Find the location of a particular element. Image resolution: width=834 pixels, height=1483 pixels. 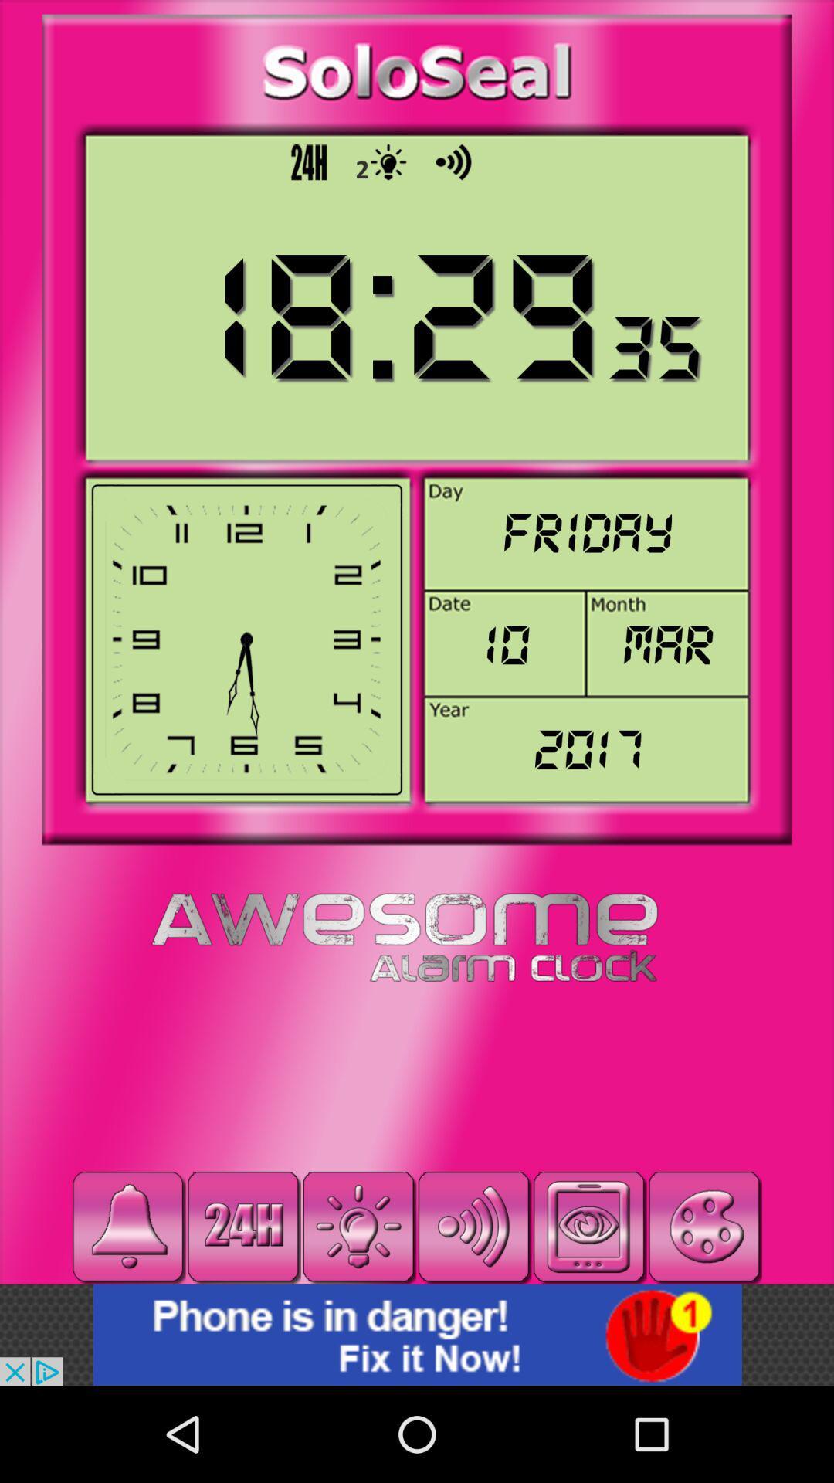

bell button is located at coordinates (127, 1226).